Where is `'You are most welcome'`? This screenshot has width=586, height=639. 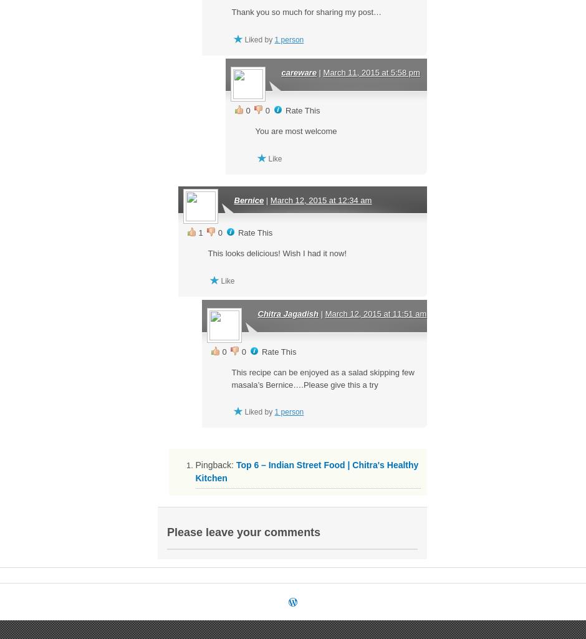 'You are most welcome' is located at coordinates (295, 131).